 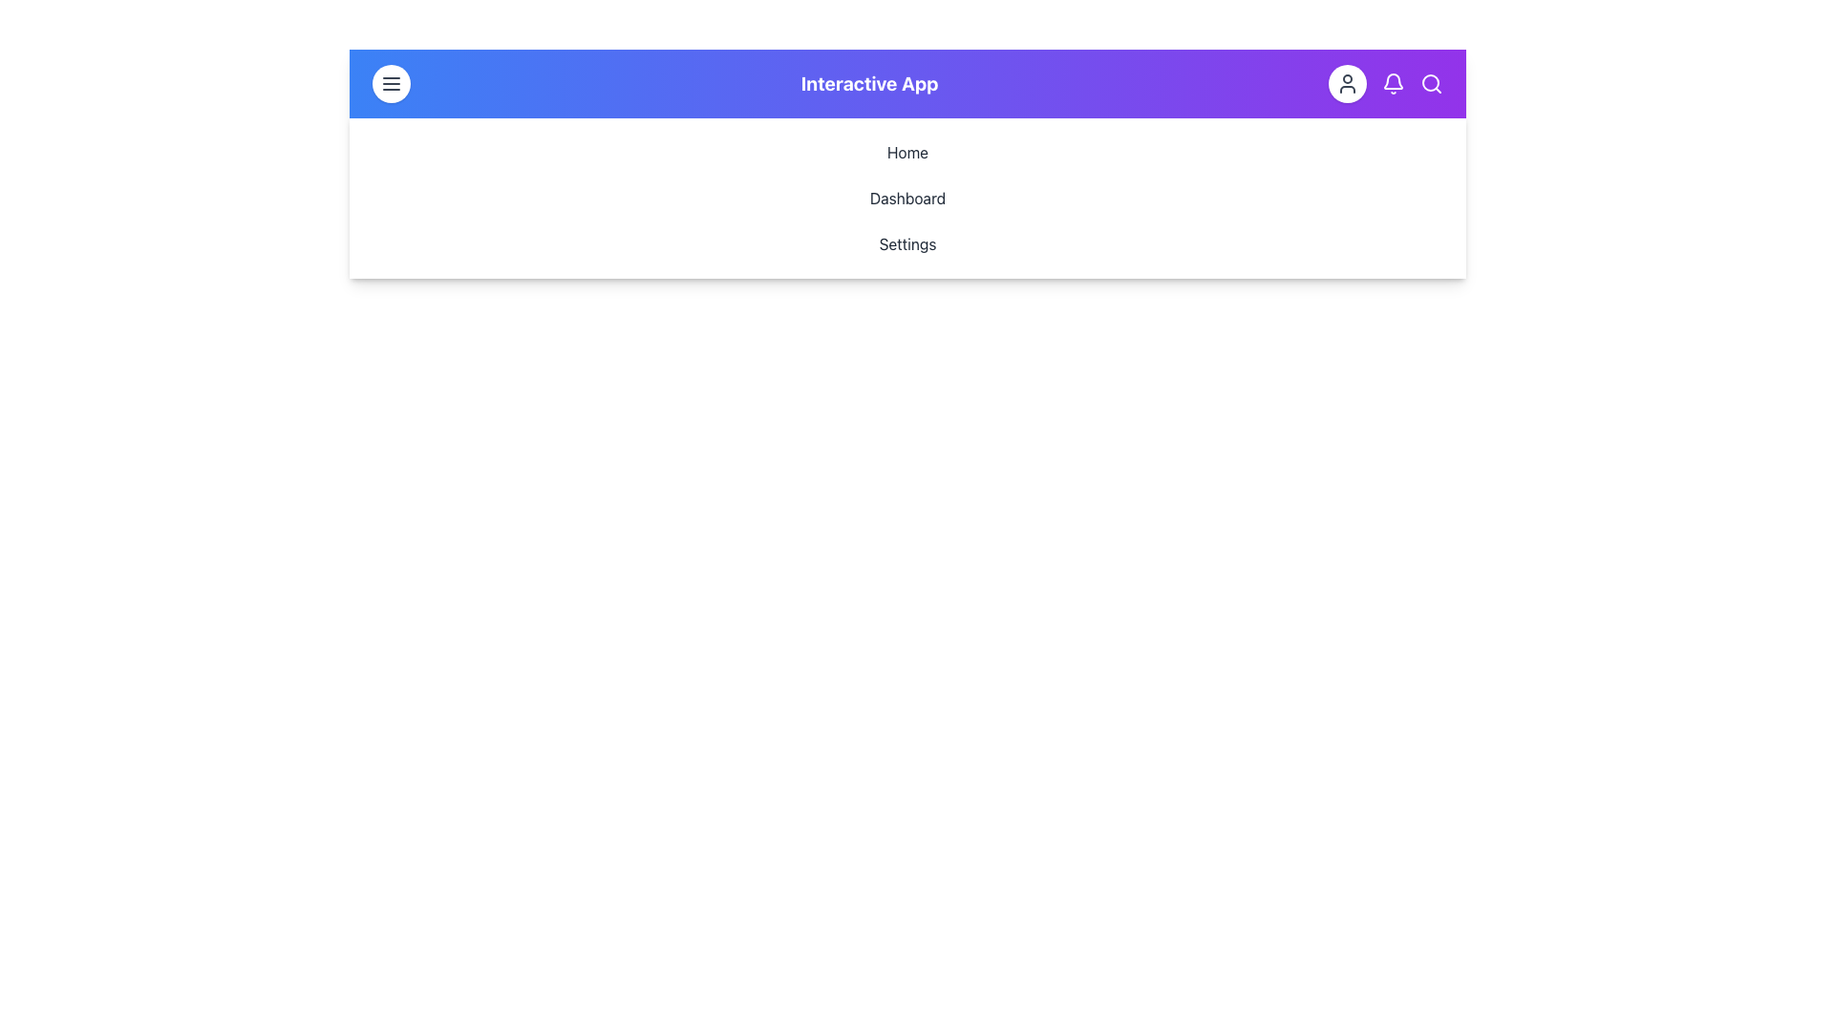 I want to click on the second item in the vertical navigation menu, labeled as 'Dashboard', so click(x=906, y=199).